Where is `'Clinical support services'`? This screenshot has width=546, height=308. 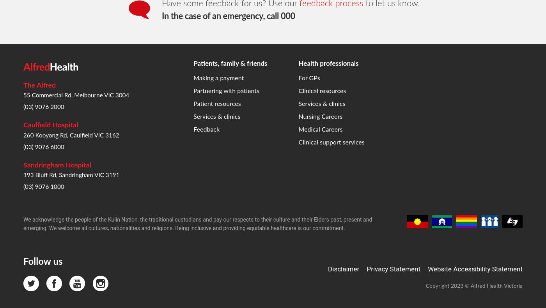
'Clinical support services' is located at coordinates (331, 16).